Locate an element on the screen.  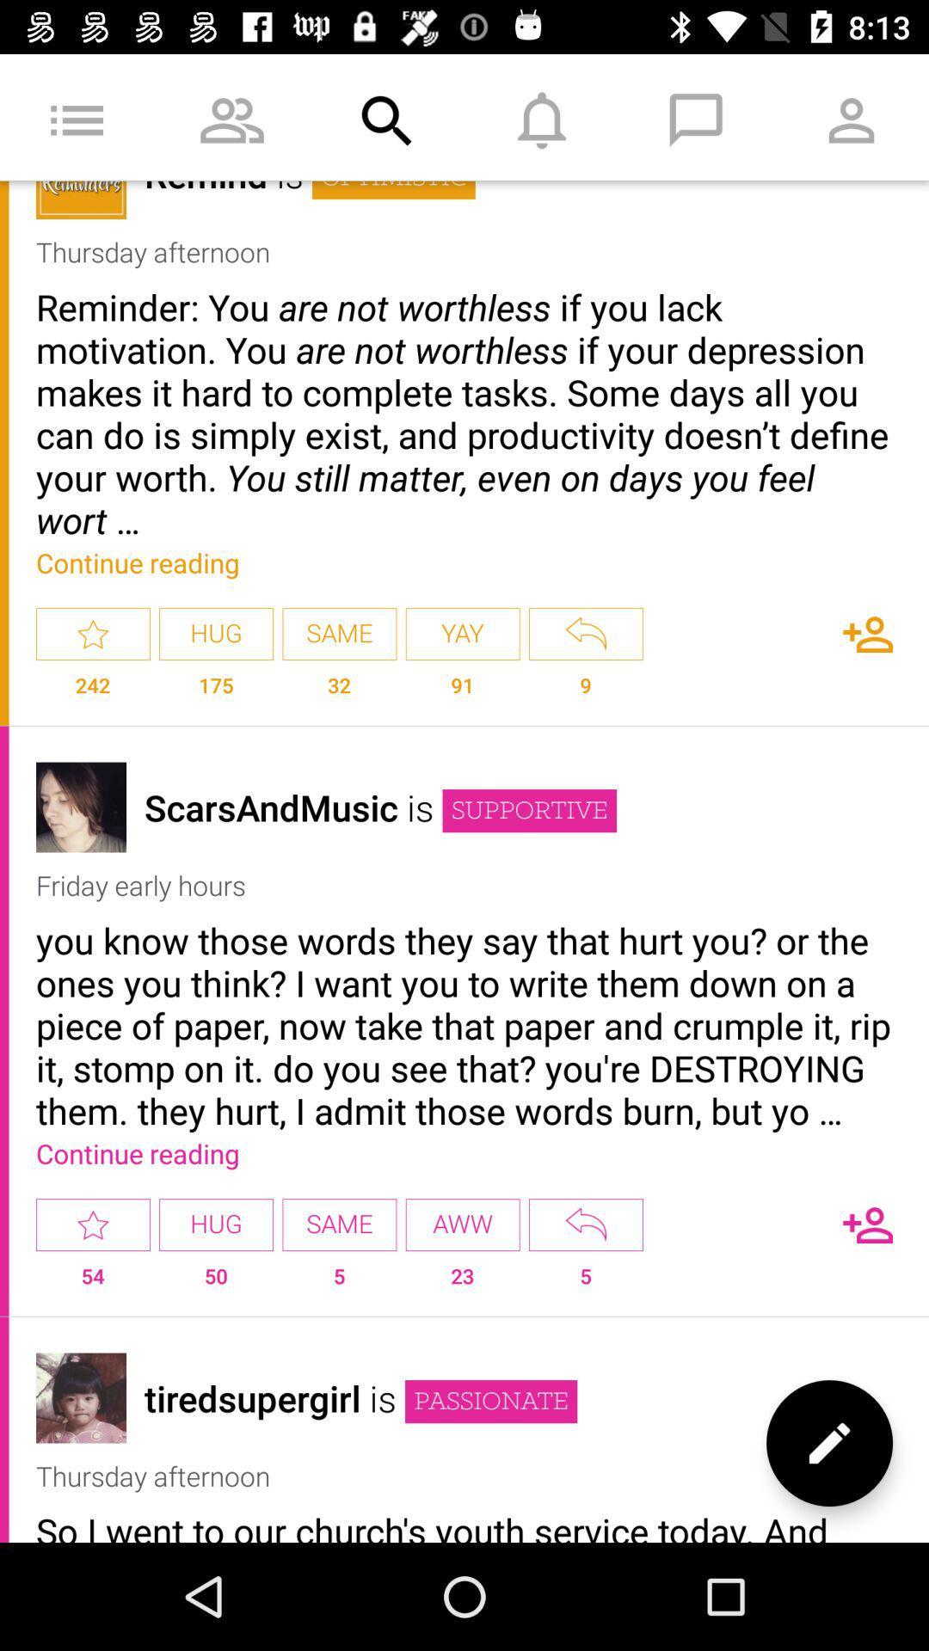
friend is located at coordinates (868, 633).